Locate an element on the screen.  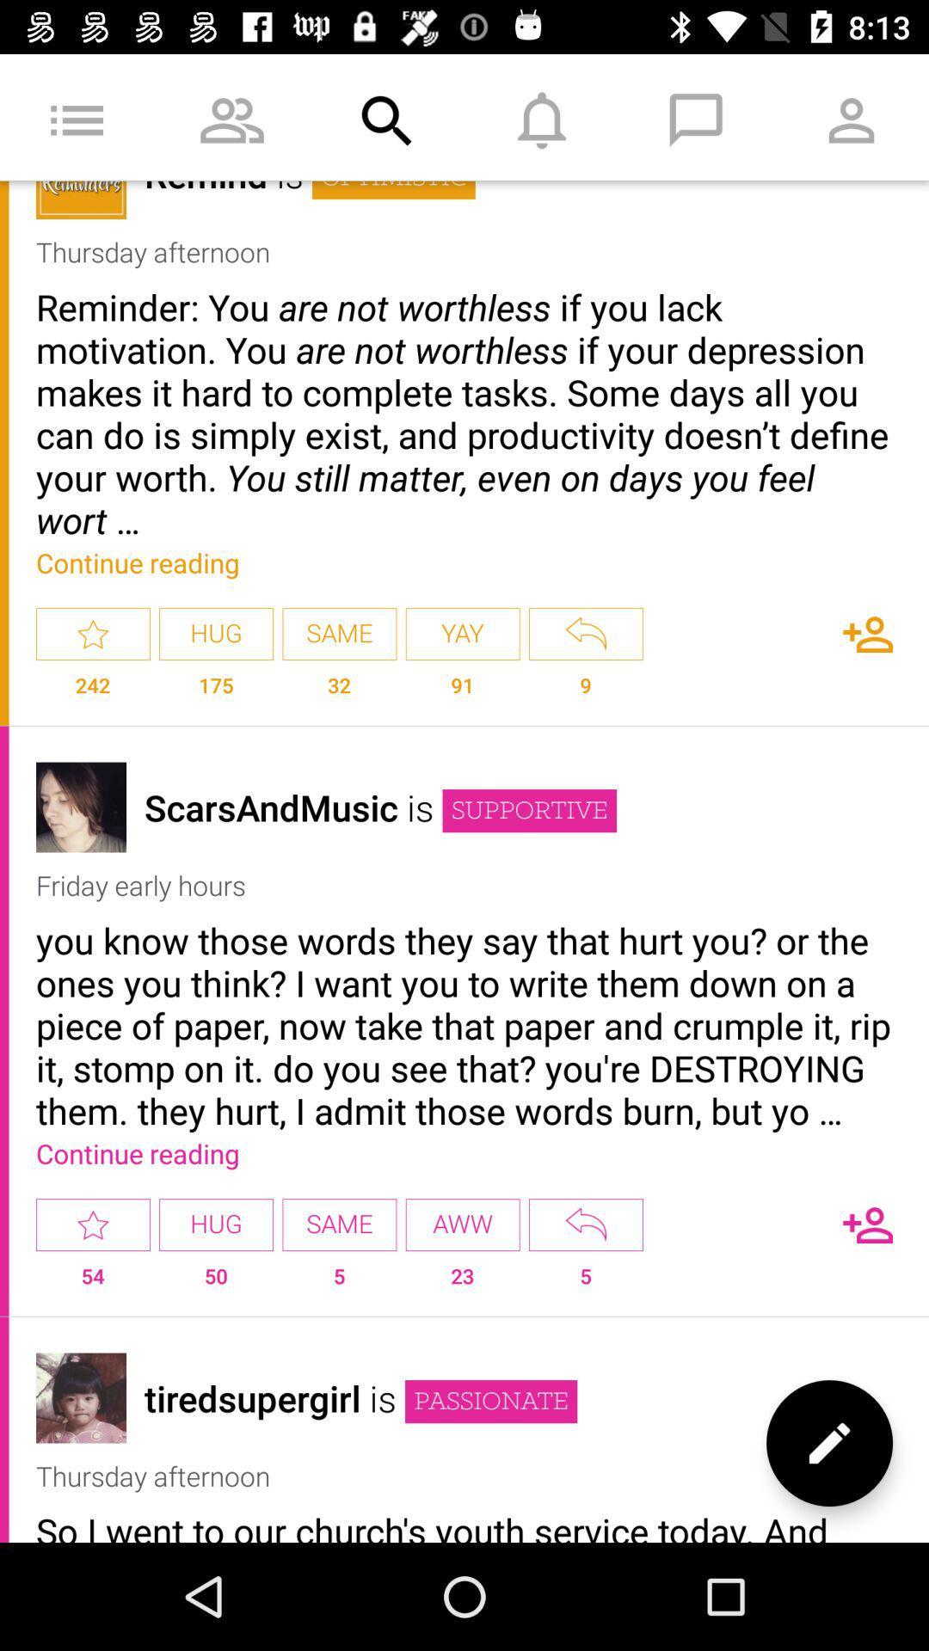
friend is located at coordinates (868, 633).